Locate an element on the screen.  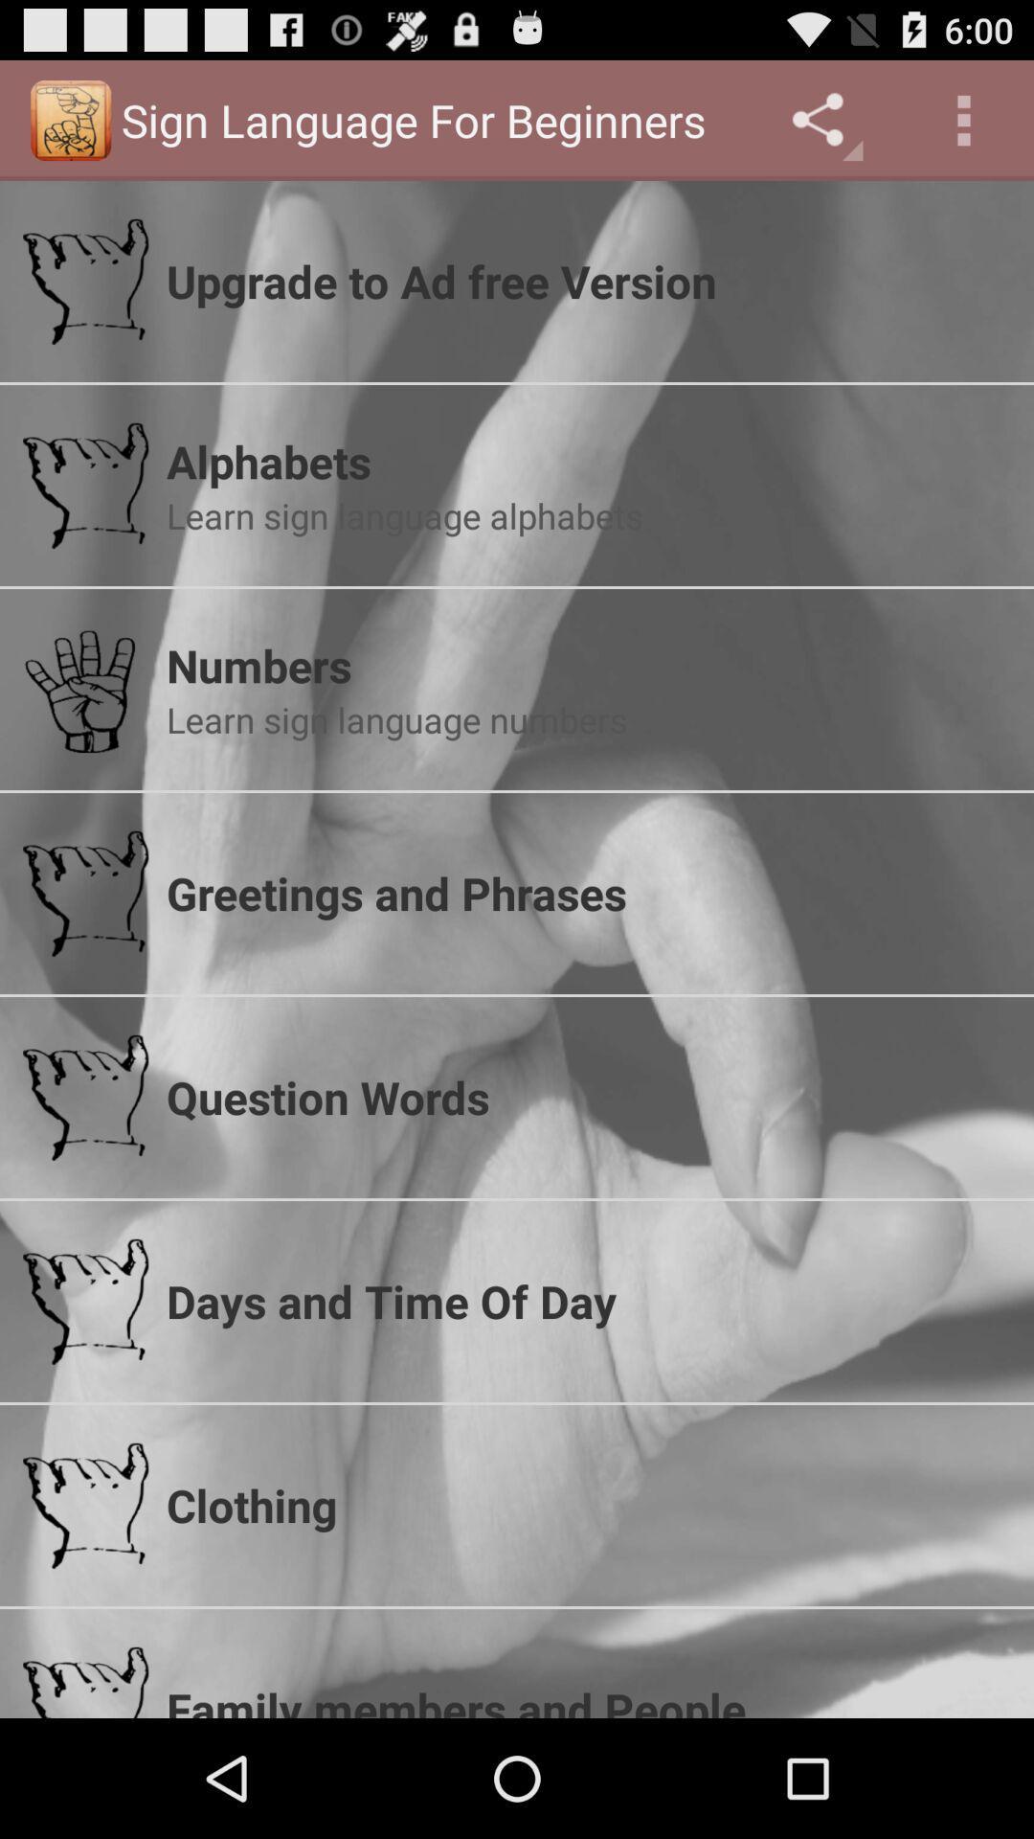
upgrade to ad item is located at coordinates (587, 280).